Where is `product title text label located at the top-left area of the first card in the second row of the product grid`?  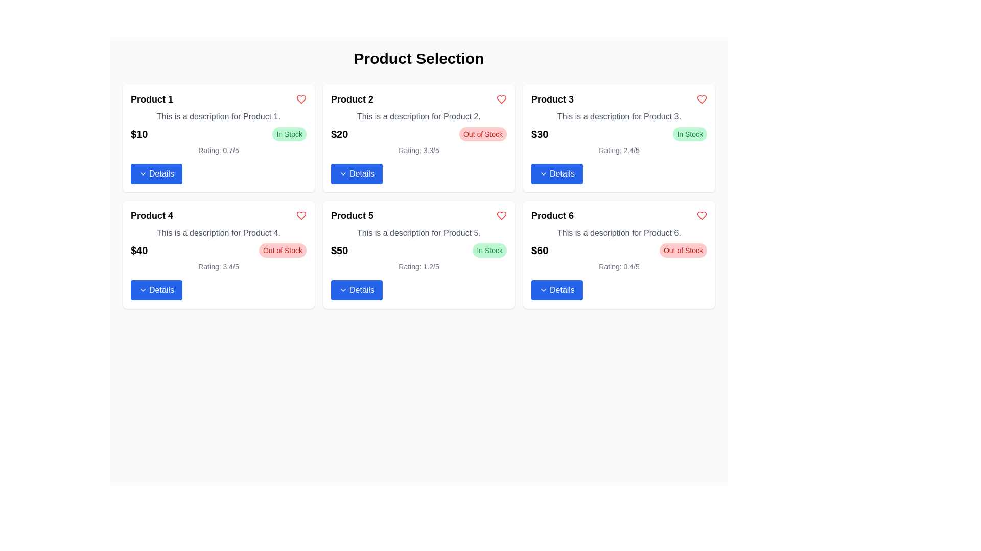
product title text label located at the top-left area of the first card in the second row of the product grid is located at coordinates (352, 215).